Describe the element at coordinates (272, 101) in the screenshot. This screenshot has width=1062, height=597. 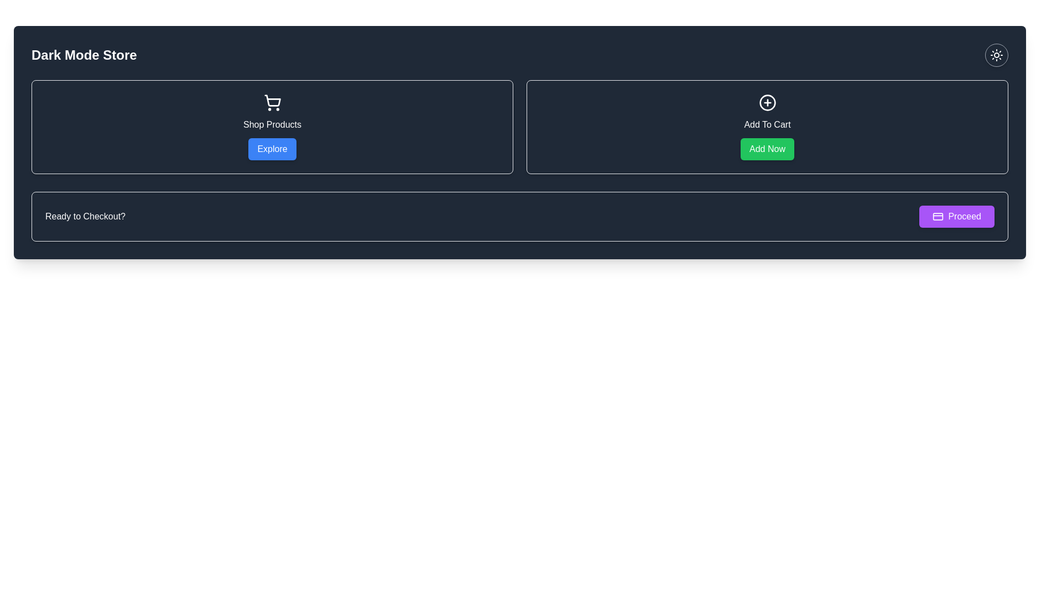
I see `the iconographic graphic component of the shopping cart icon, which is centrally positioned within the cart's wireframe structure` at that location.